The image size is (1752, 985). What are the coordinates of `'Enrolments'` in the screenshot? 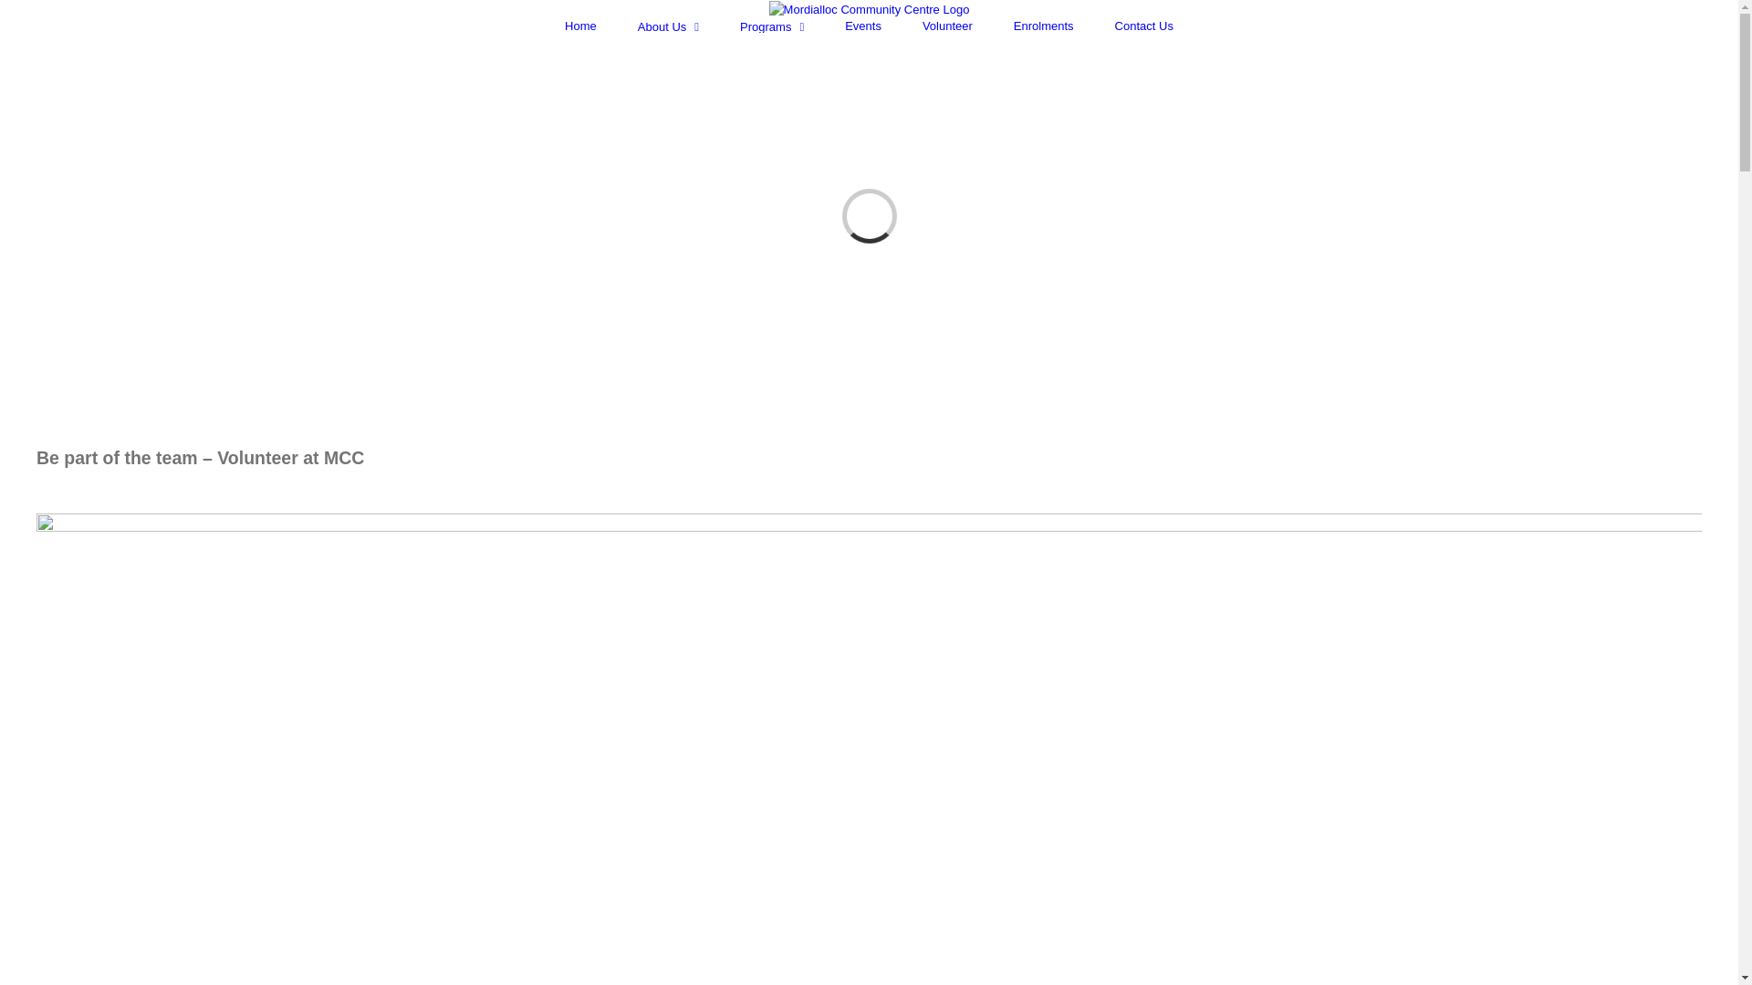 It's located at (1043, 26).